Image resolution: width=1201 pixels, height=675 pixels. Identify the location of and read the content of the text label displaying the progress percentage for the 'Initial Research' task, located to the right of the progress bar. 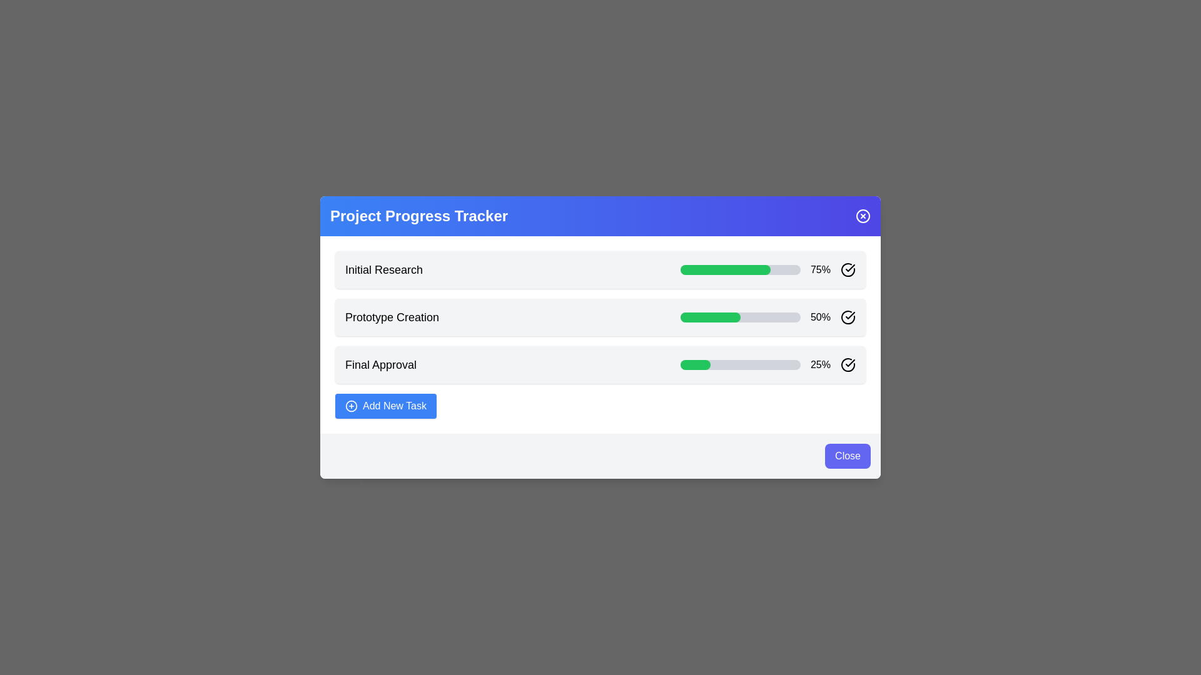
(820, 269).